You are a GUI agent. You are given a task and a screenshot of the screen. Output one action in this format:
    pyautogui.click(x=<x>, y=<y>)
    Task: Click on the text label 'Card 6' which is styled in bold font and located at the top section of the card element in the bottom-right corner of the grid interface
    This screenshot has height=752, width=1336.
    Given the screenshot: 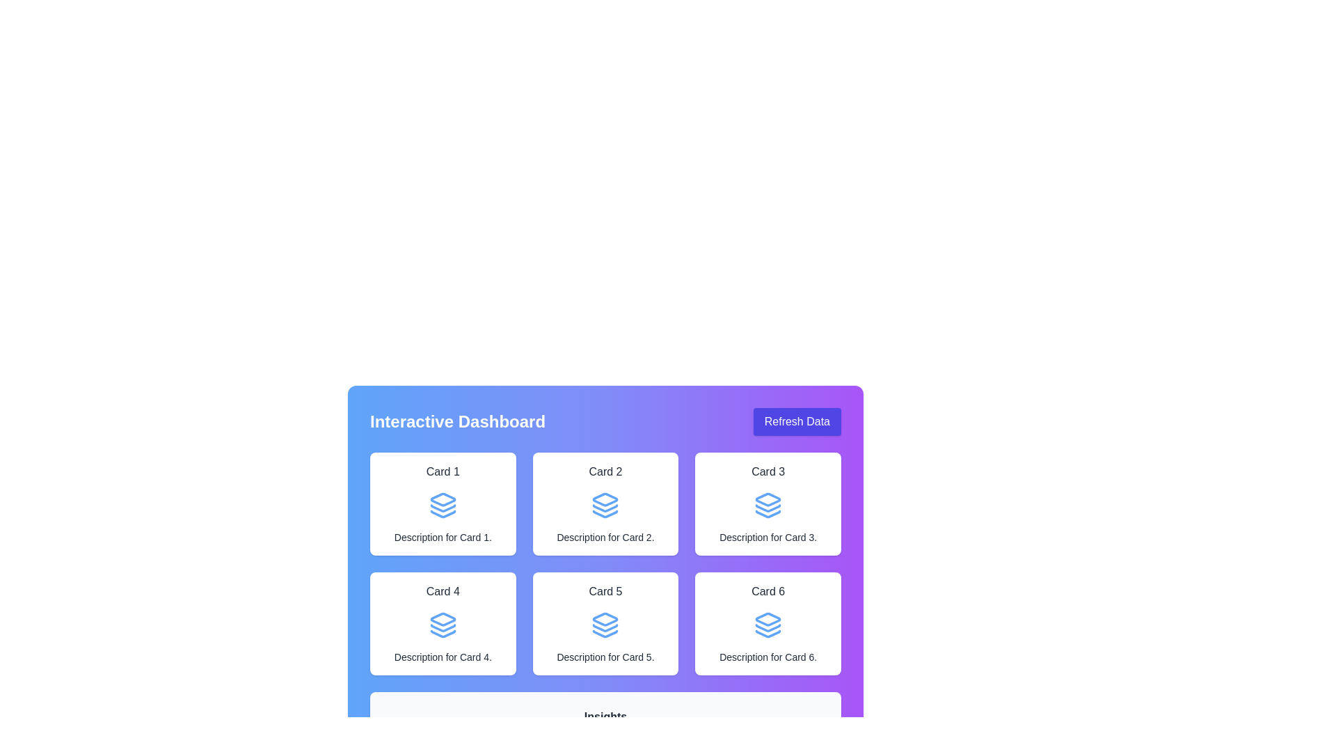 What is the action you would take?
    pyautogui.click(x=768, y=591)
    